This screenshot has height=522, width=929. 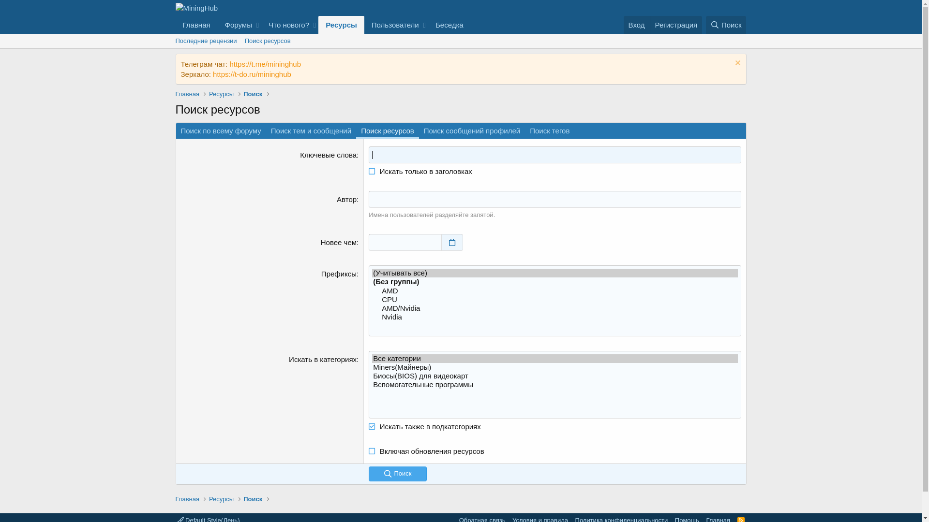 What do you see at coordinates (265, 64) in the screenshot?
I see `'https://t.me/mininghub'` at bounding box center [265, 64].